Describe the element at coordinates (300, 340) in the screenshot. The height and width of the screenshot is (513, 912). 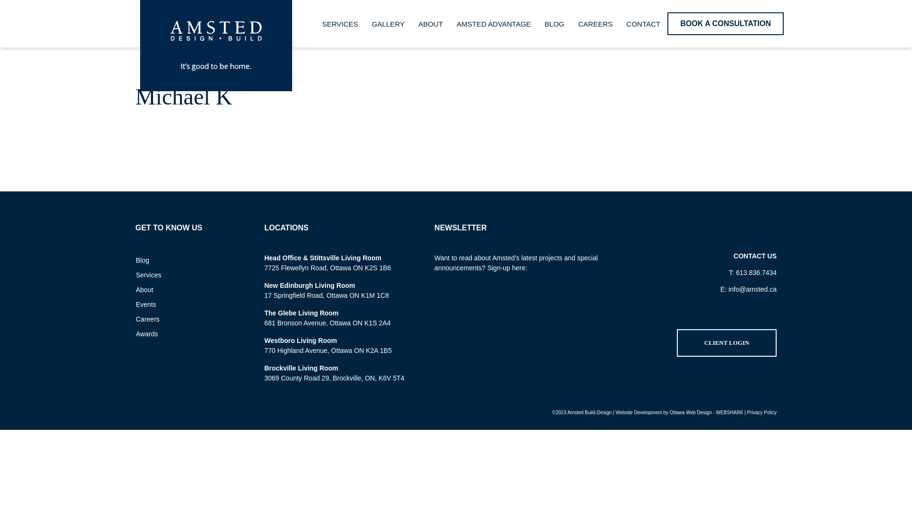
I see `'Westboro Living Room'` at that location.